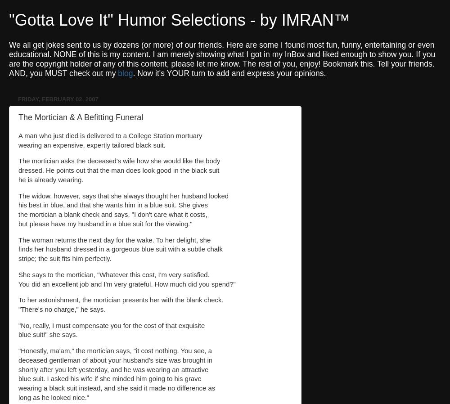 The height and width of the screenshot is (404, 450). I want to click on 'blue suit!" she says.', so click(18, 334).